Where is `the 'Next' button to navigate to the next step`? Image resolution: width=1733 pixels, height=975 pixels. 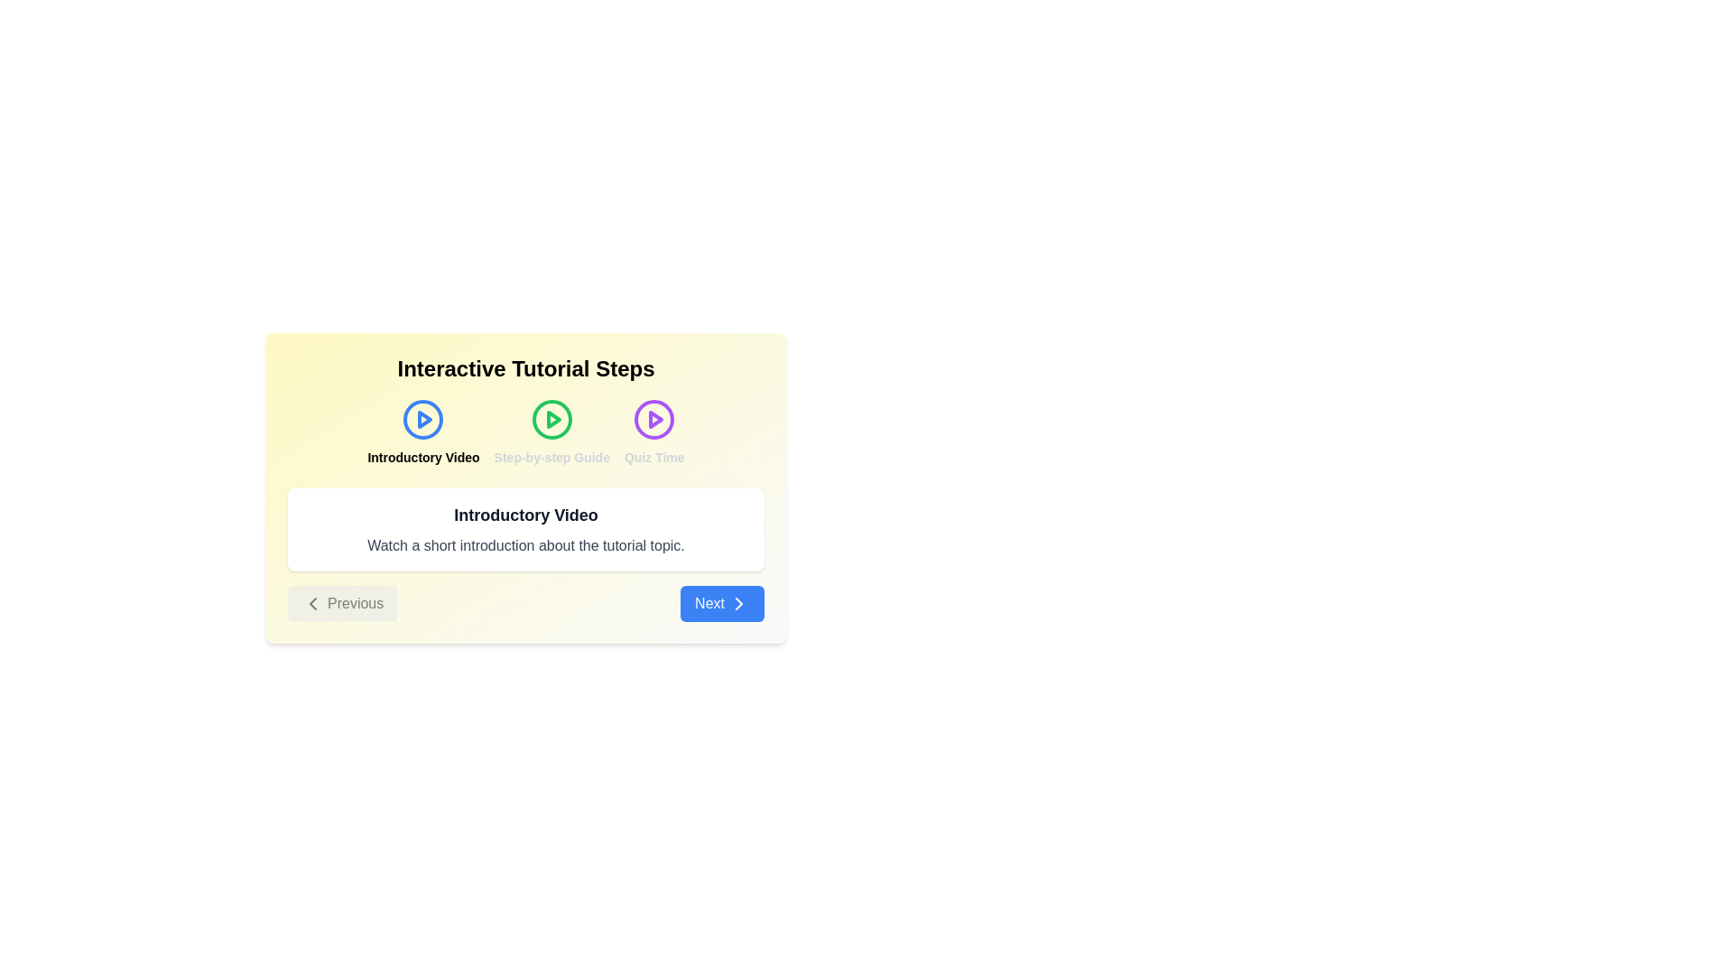 the 'Next' button to navigate to the next step is located at coordinates (722, 603).